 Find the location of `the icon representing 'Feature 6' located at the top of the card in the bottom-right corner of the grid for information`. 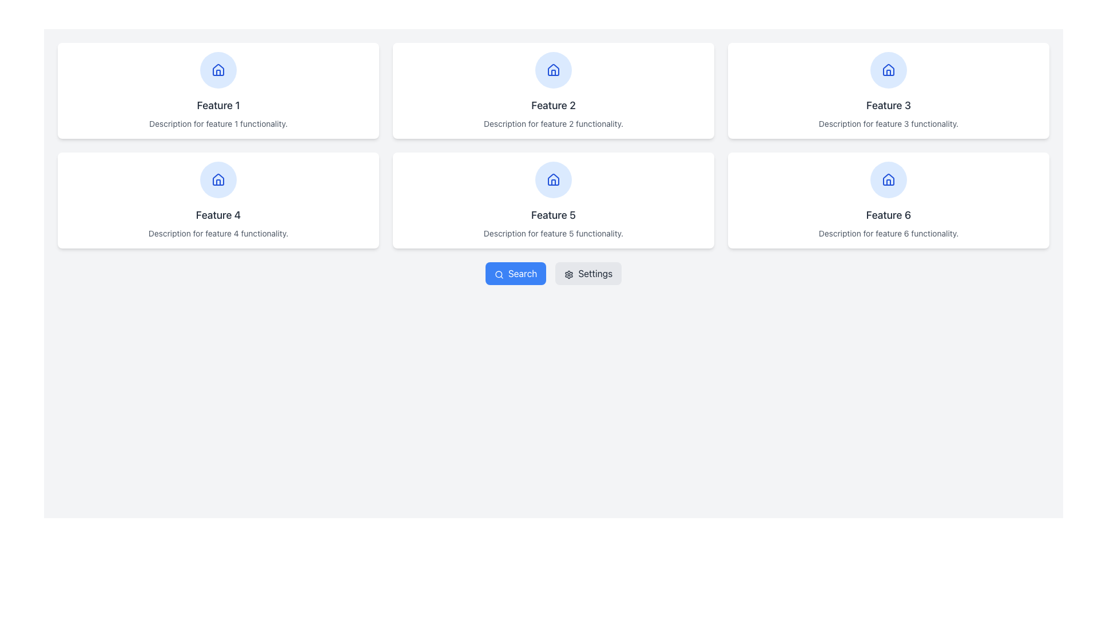

the icon representing 'Feature 6' located at the top of the card in the bottom-right corner of the grid for information is located at coordinates (888, 180).